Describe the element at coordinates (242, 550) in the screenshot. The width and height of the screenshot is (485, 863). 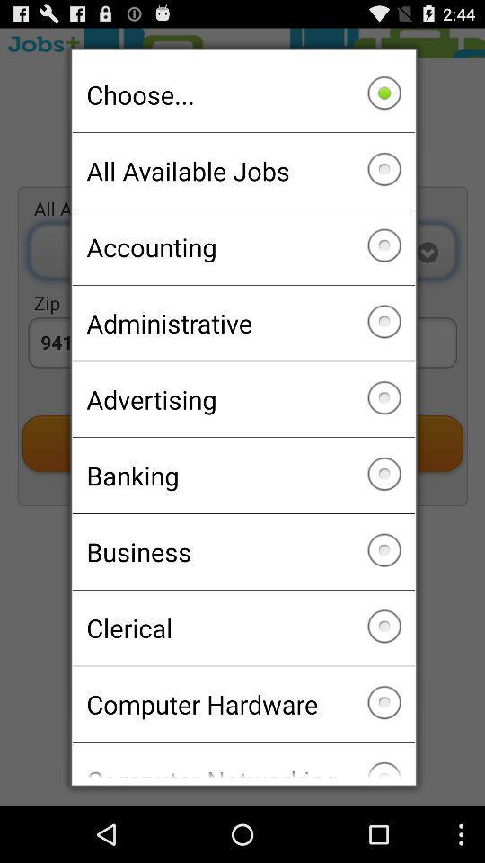
I see `the business checkbox` at that location.